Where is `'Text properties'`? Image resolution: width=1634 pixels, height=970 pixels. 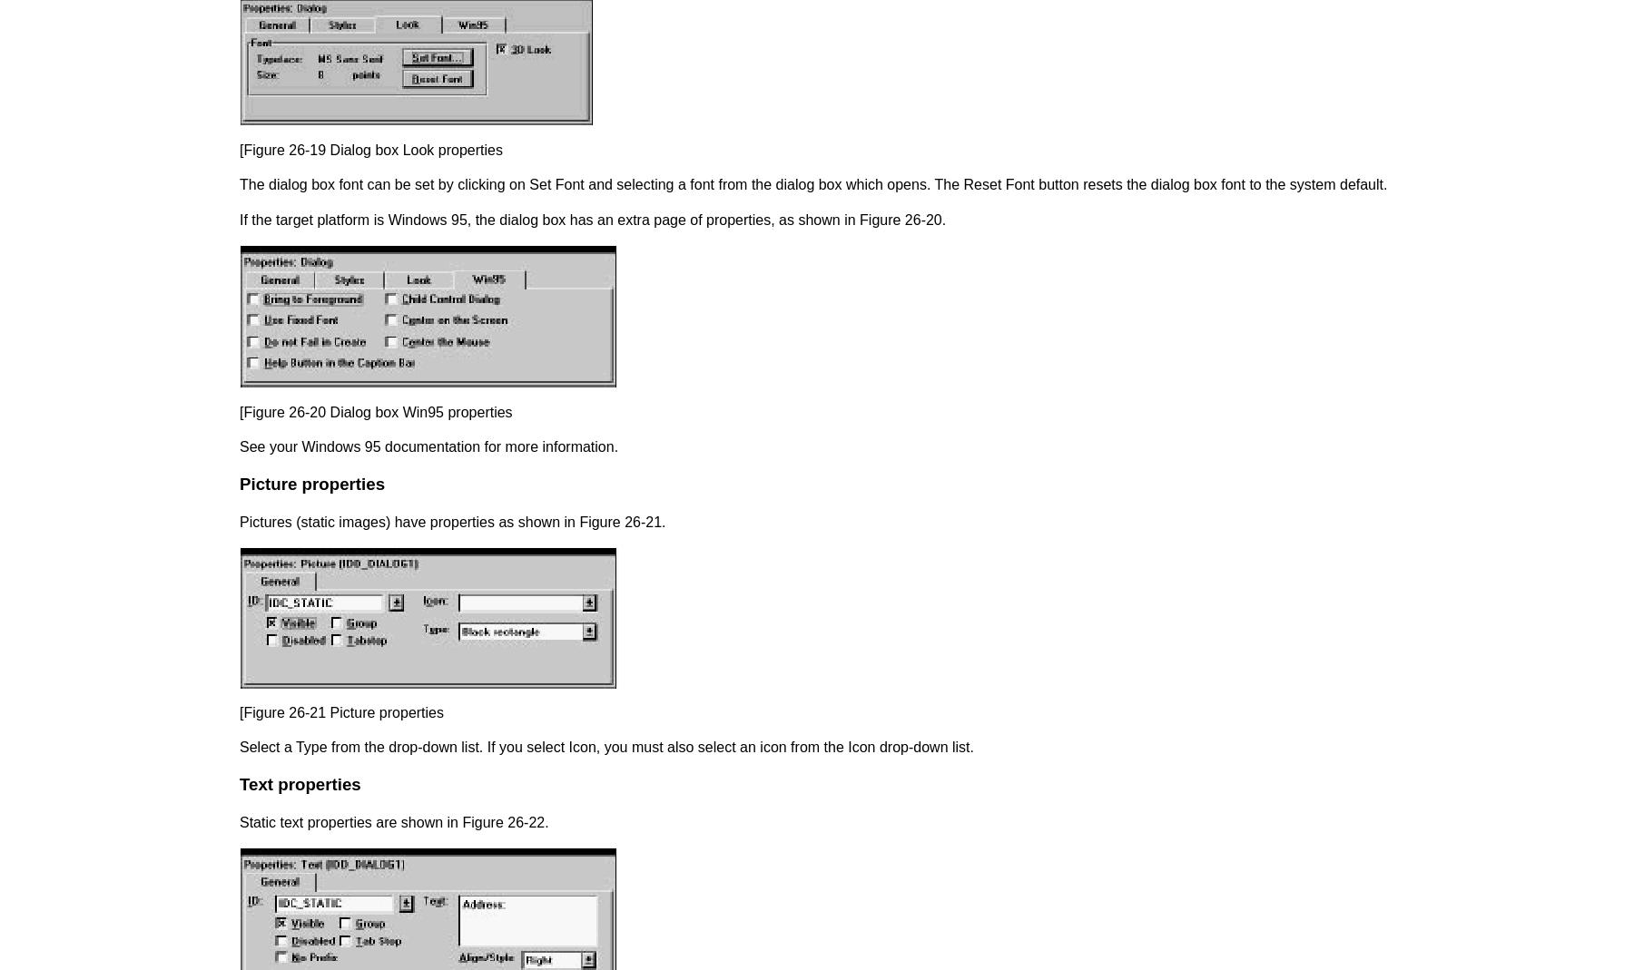 'Text properties' is located at coordinates (299, 783).